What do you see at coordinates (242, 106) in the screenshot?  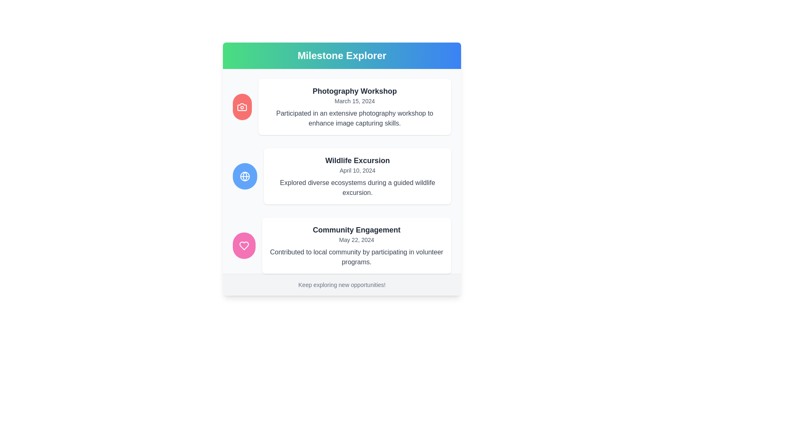 I see `the red circular icon representing the 'Photography Workshop' section, which is located on the left-hand side of the vertical list of icons` at bounding box center [242, 106].